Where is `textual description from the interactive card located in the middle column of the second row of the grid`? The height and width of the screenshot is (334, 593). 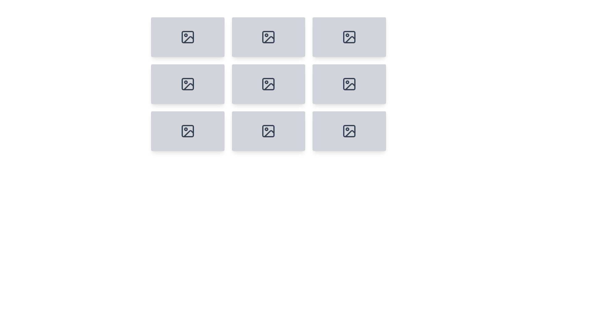
textual description from the interactive card located in the middle column of the second row of the grid is located at coordinates (268, 84).